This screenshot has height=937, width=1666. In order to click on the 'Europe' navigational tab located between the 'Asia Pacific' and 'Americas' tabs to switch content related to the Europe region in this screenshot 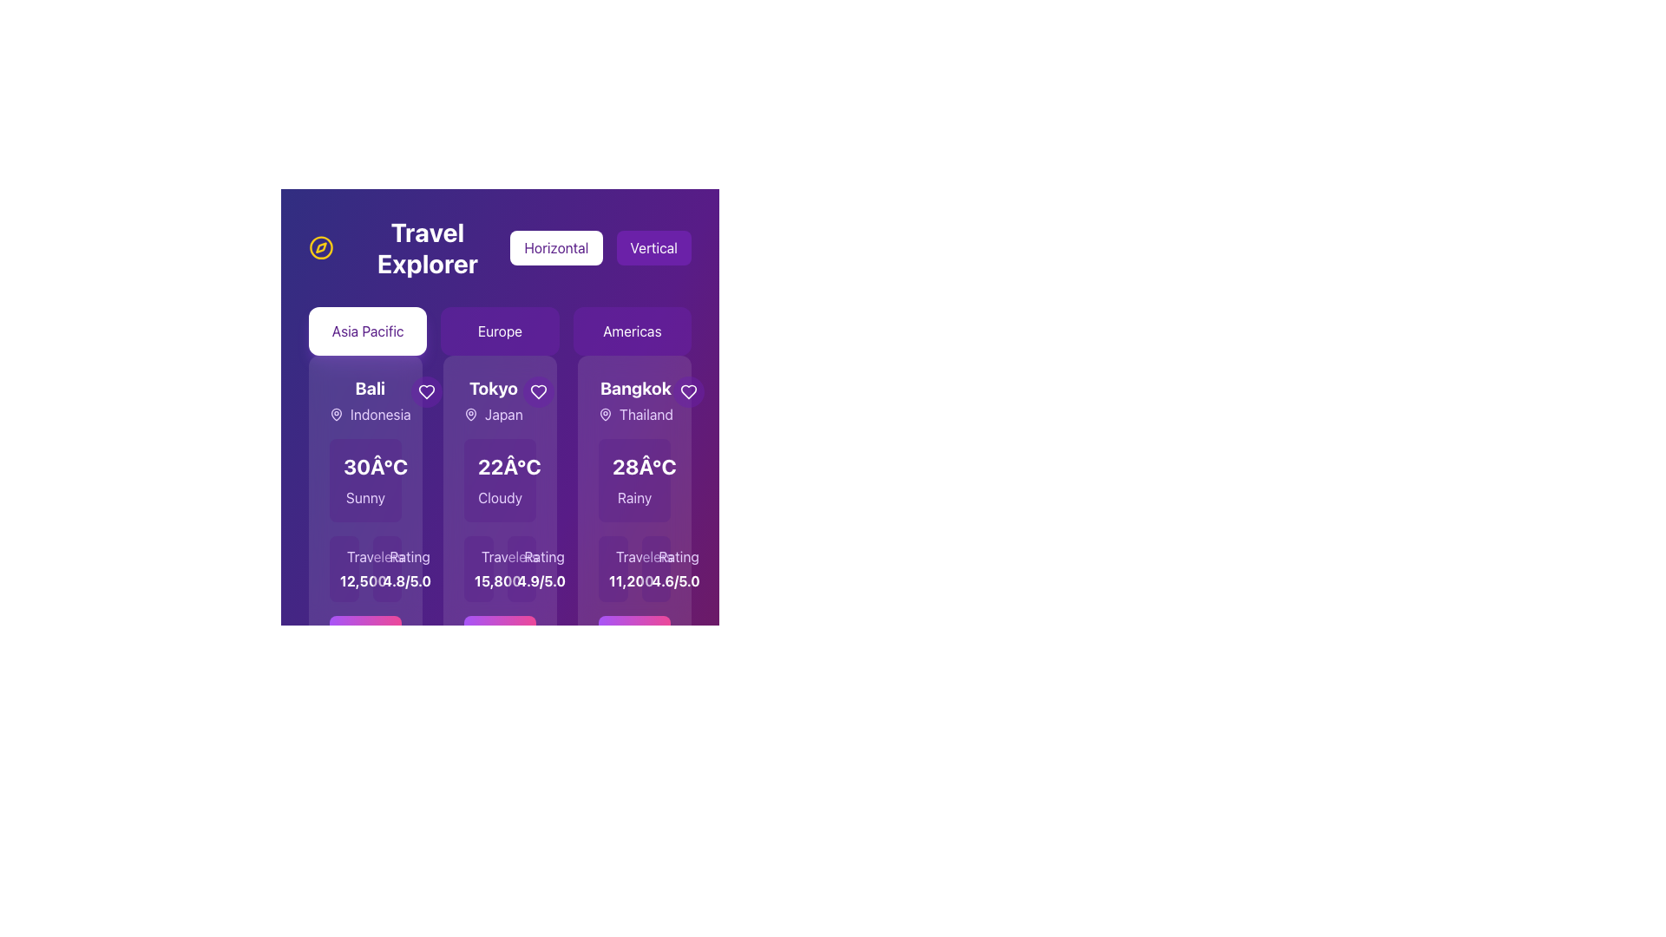, I will do `click(499, 331)`.